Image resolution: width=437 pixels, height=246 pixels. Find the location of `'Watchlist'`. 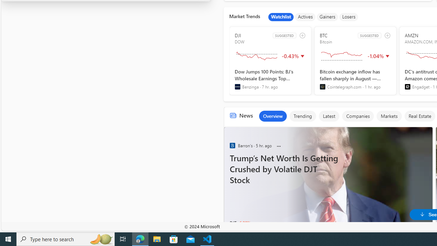

'Watchlist' is located at coordinates (281, 17).